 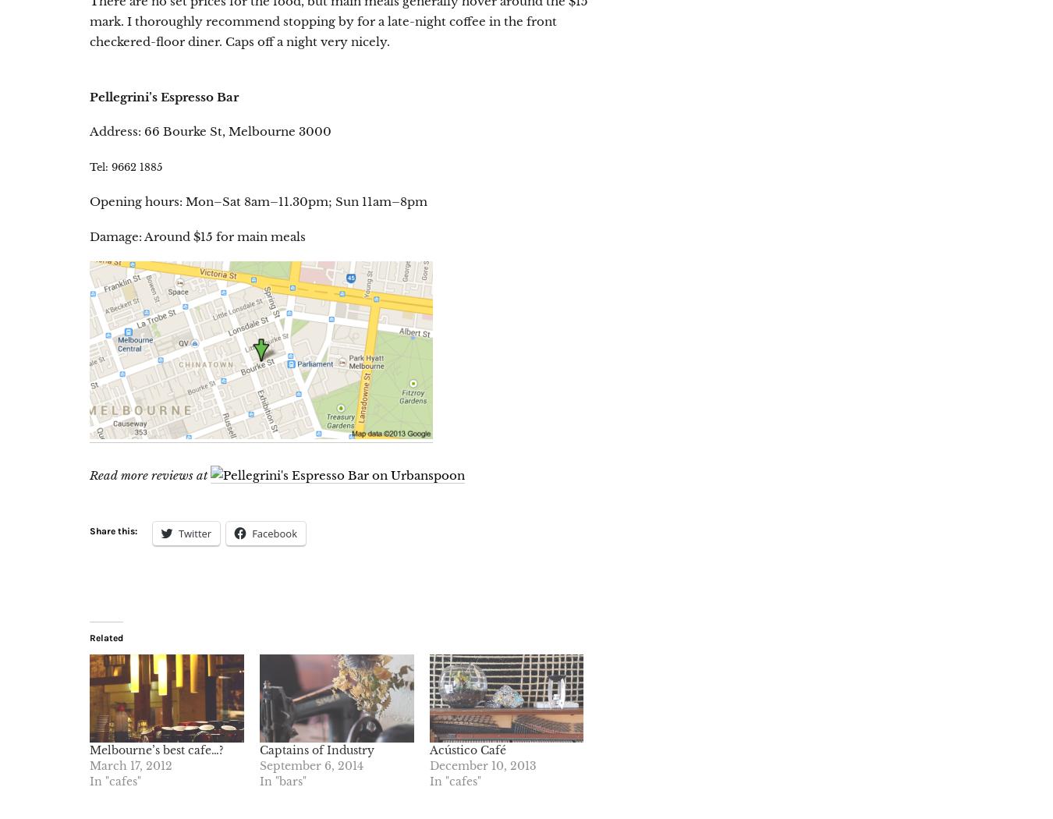 I want to click on 'Related', so click(x=106, y=636).